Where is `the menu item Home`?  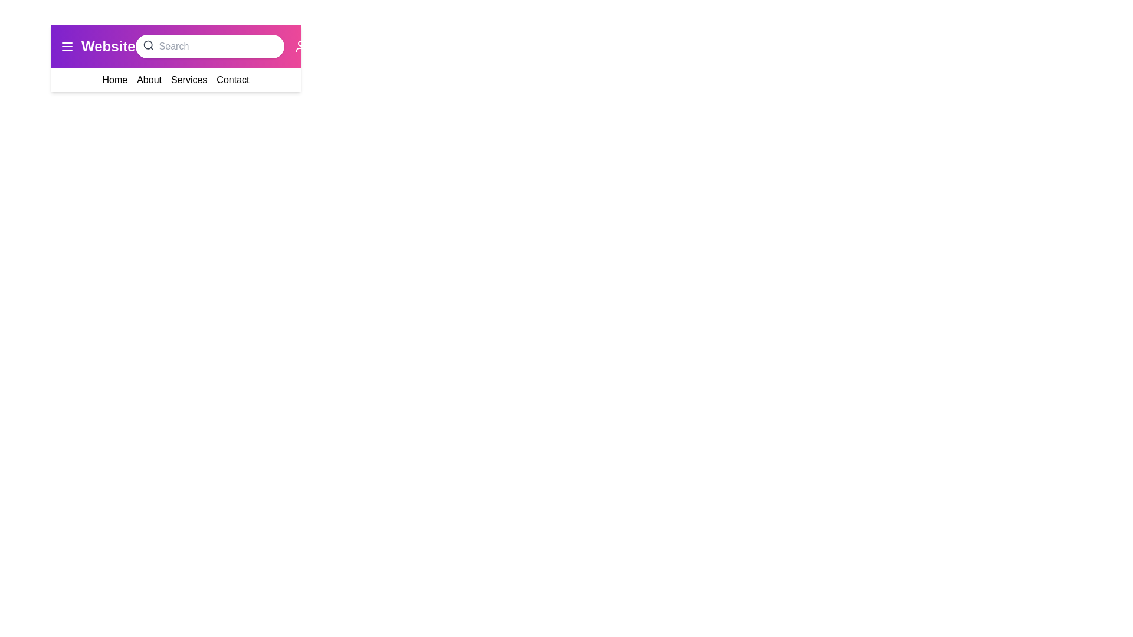
the menu item Home is located at coordinates (114, 80).